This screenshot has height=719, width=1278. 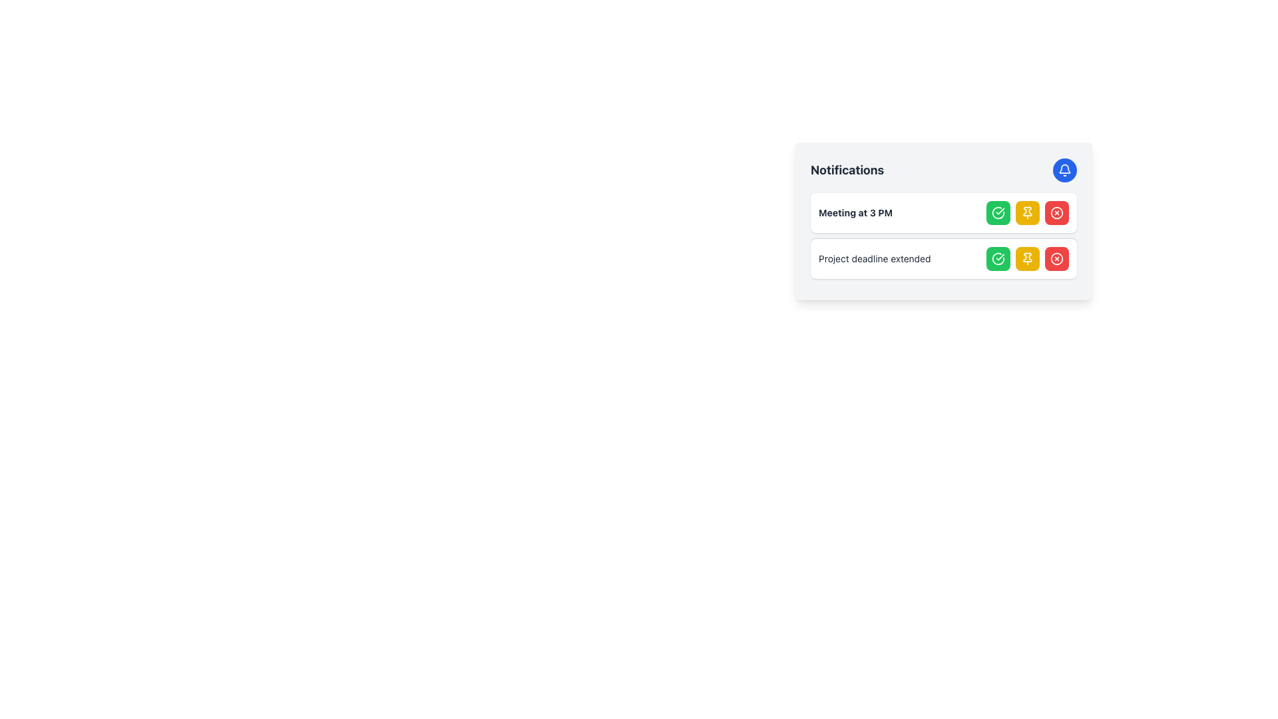 I want to click on the first notification in the Notifications section that displays information about a meeting scheduled for 3 PM, so click(x=943, y=212).